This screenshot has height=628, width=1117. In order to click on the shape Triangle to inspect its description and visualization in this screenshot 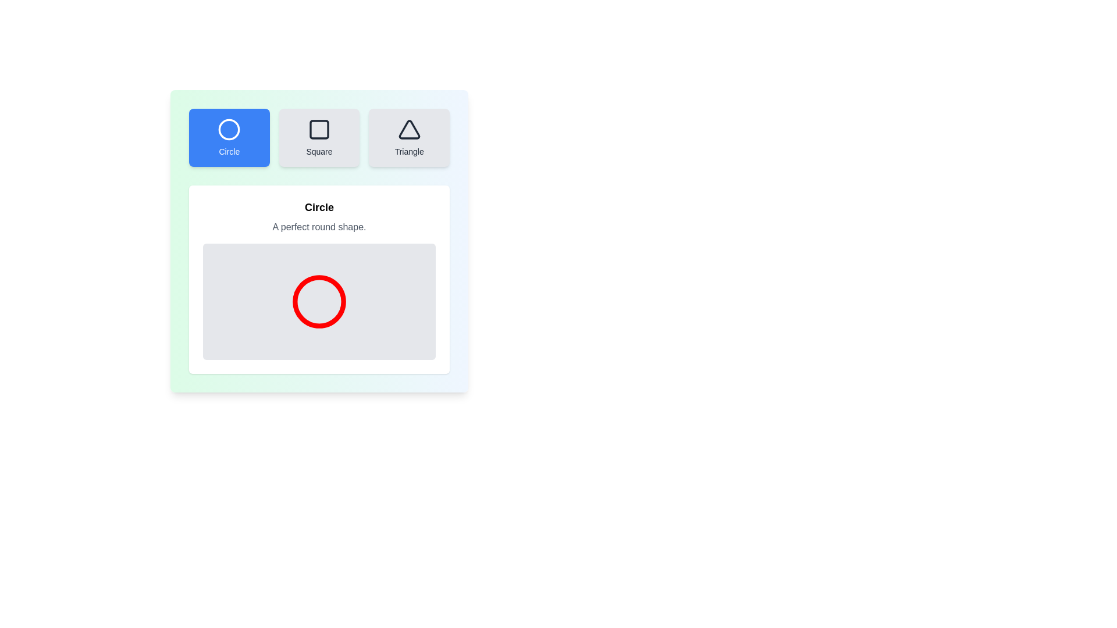, I will do `click(410, 137)`.